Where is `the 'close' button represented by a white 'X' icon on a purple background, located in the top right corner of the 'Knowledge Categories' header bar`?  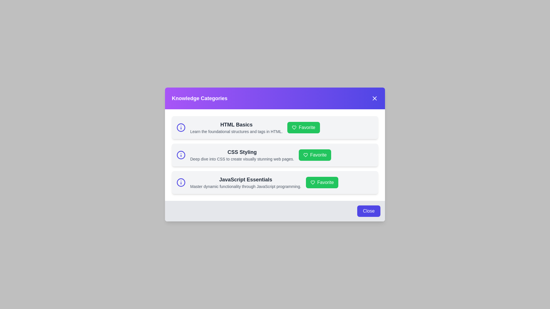
the 'close' button represented by a white 'X' icon on a purple background, located in the top right corner of the 'Knowledge Categories' header bar is located at coordinates (375, 98).